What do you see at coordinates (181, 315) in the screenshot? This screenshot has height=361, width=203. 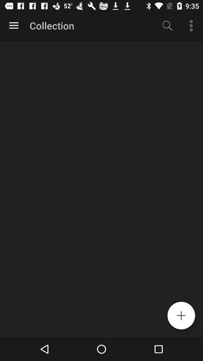 I see `icon at the bottom right corner` at bounding box center [181, 315].